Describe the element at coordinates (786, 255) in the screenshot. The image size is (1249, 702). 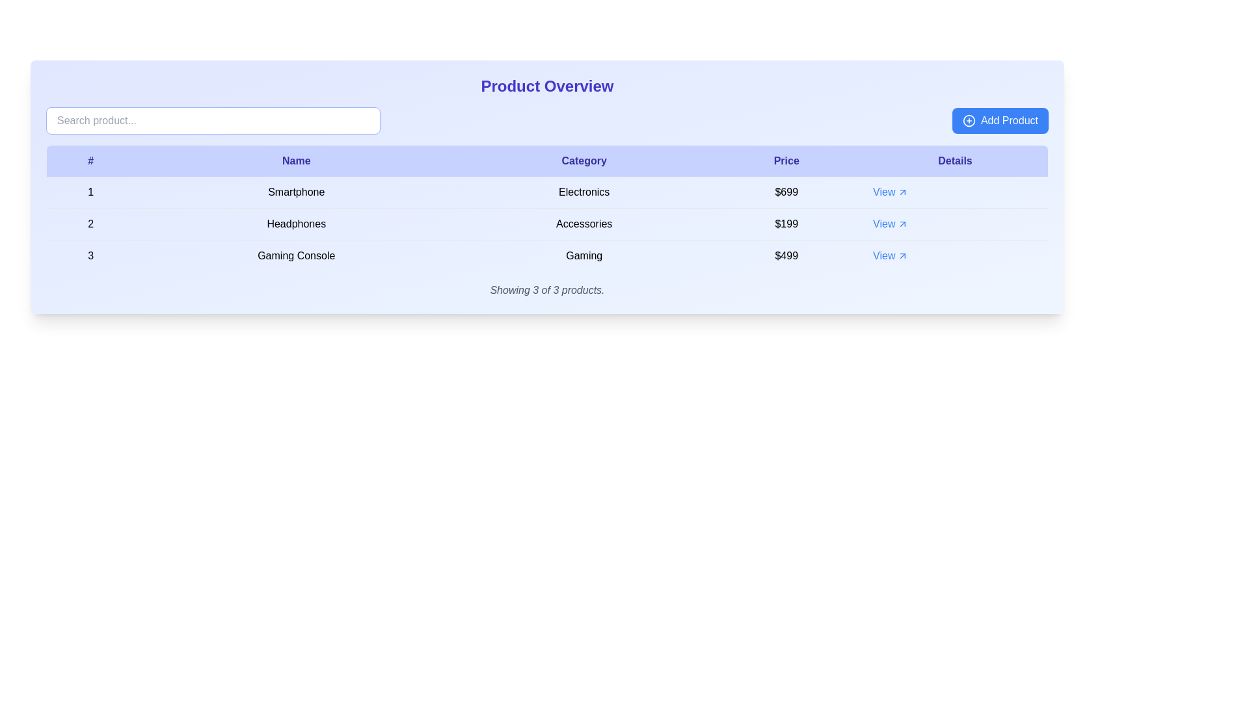
I see `the price indicator element displaying '$499', which is styled with a plain black font and located in the 'Price' column of the table, aligned with 'Gaming Console'` at that location.